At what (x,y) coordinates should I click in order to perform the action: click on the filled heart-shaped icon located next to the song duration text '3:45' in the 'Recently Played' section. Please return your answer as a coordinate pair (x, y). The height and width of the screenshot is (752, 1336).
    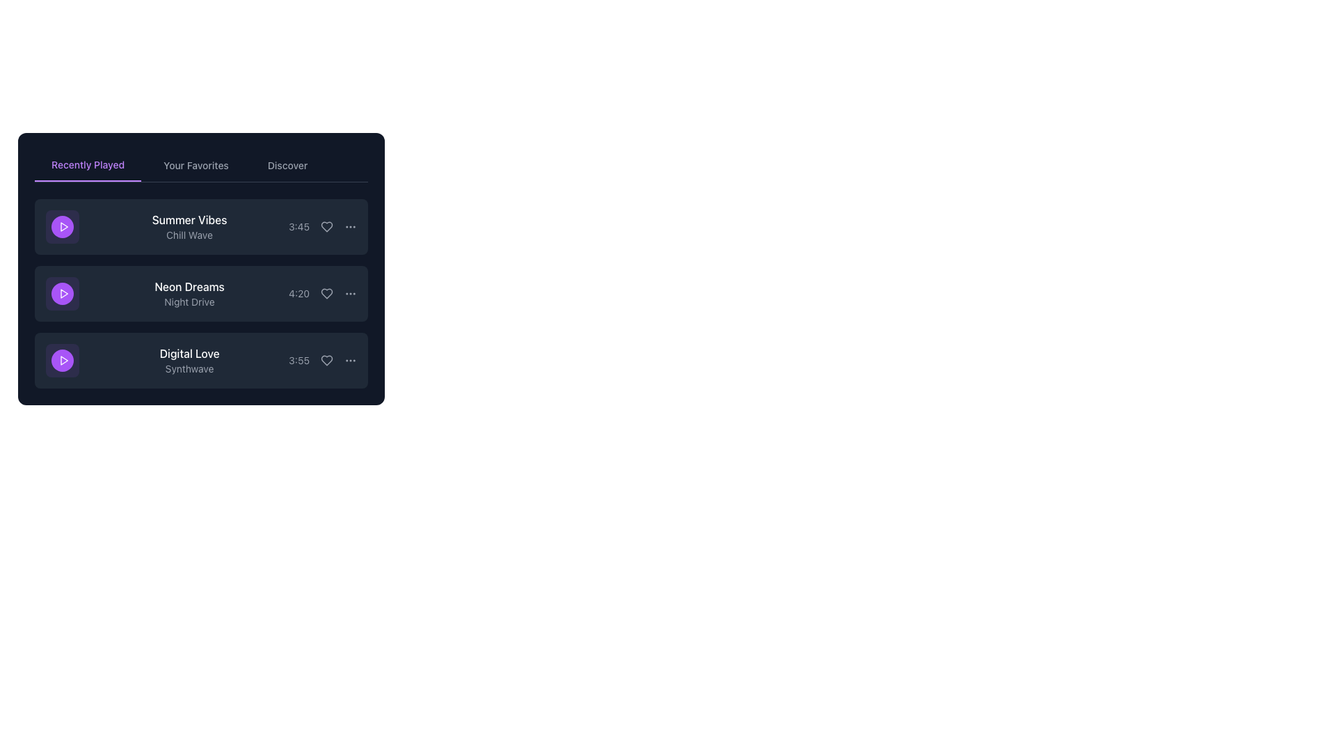
    Looking at the image, I should click on (326, 226).